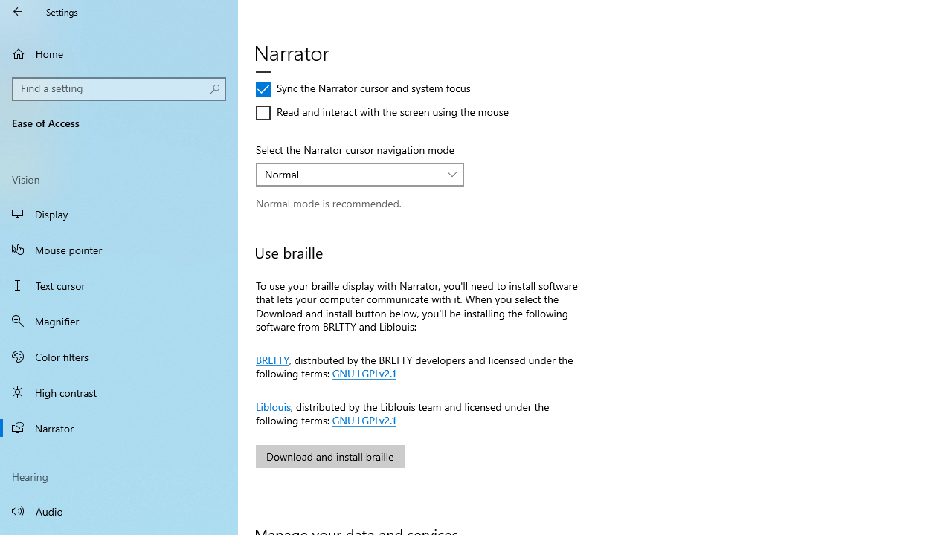  What do you see at coordinates (119, 510) in the screenshot?
I see `'Audio'` at bounding box center [119, 510].